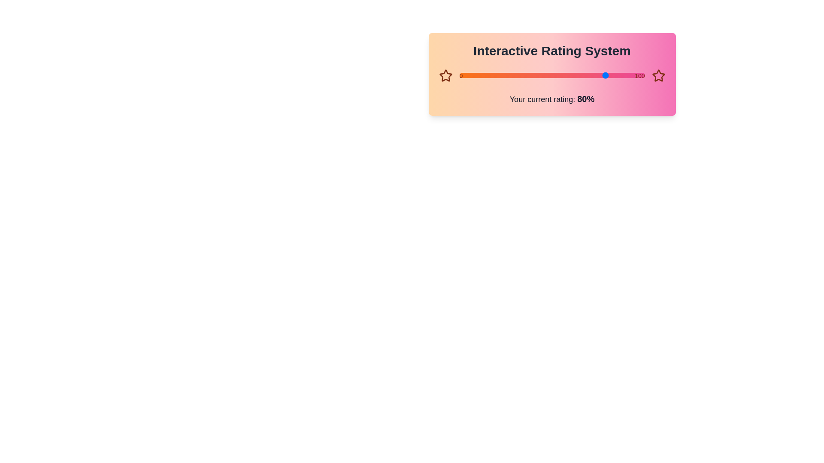  I want to click on the slider to set the rating to 9%, so click(459, 75).